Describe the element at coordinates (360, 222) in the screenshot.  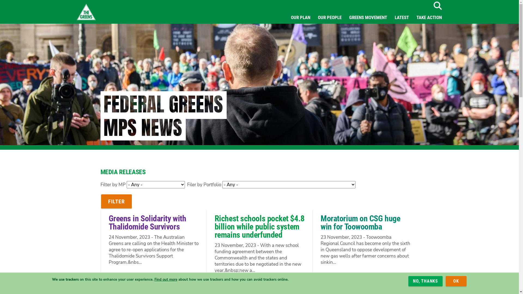
I see `'Moratorium on CSG huge win for Toowoomba'` at that location.